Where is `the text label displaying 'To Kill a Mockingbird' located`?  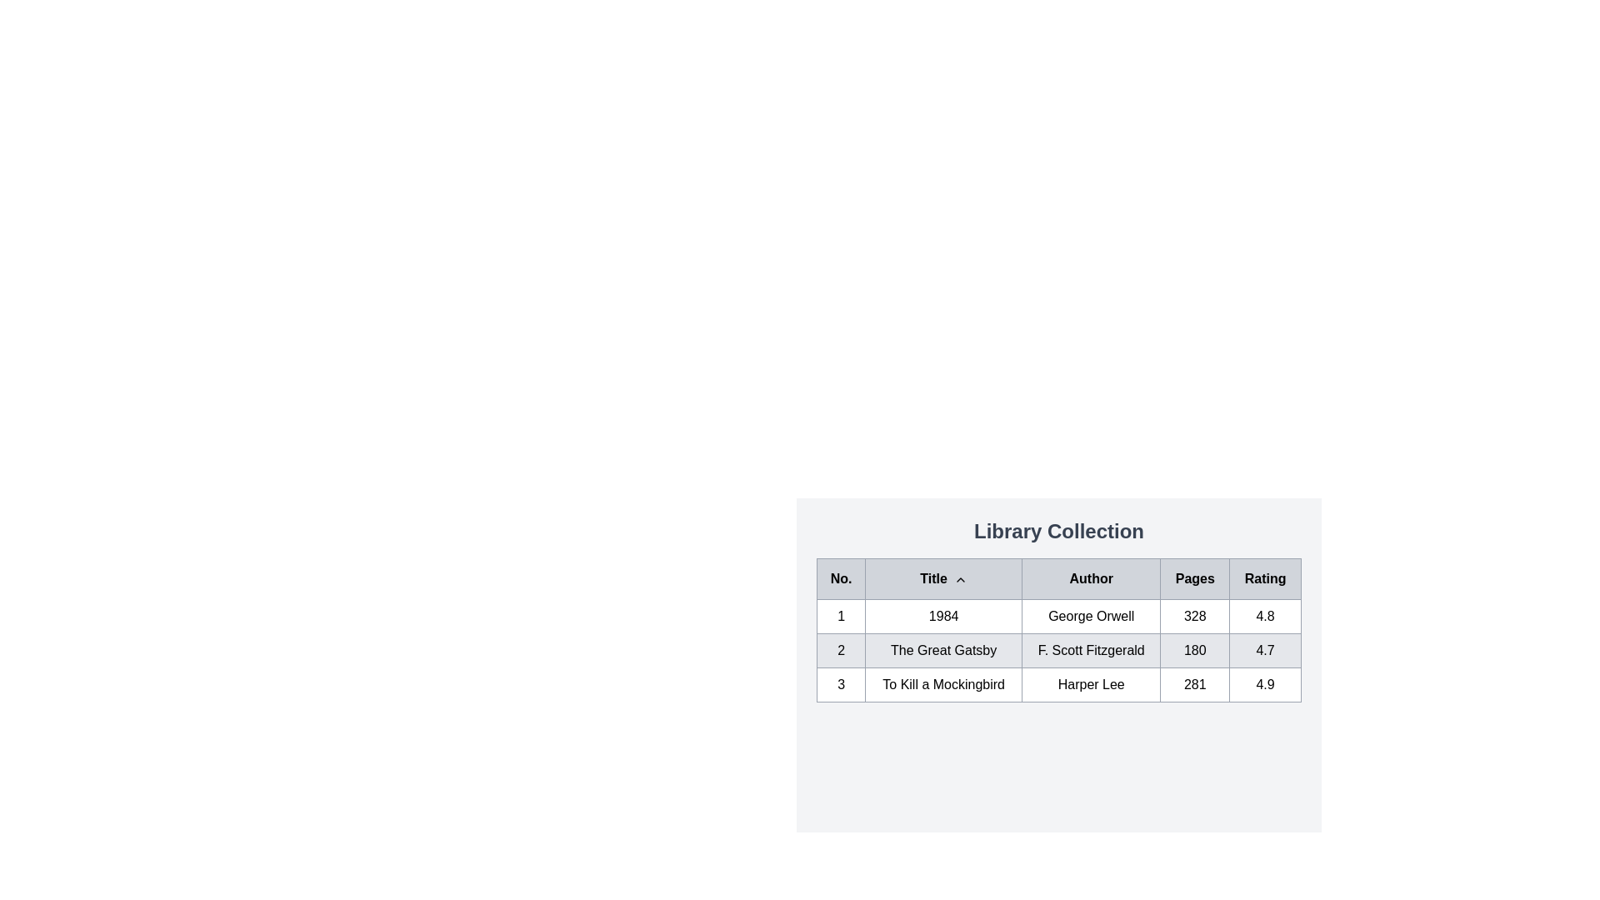
the text label displaying 'To Kill a Mockingbird' located is located at coordinates (943, 684).